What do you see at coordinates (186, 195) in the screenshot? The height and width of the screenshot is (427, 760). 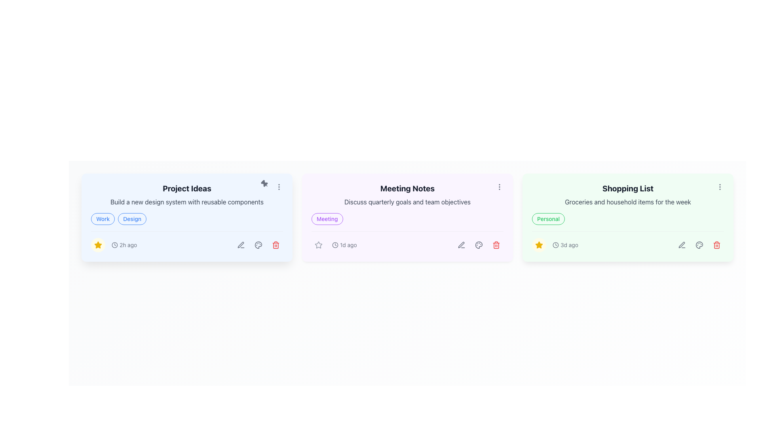 I see `the text display area containing the bold title 'Project Ideas' and the description 'Build a new design system with reusable components', located in the first card of a horizontally-aligned set of cards` at bounding box center [186, 195].